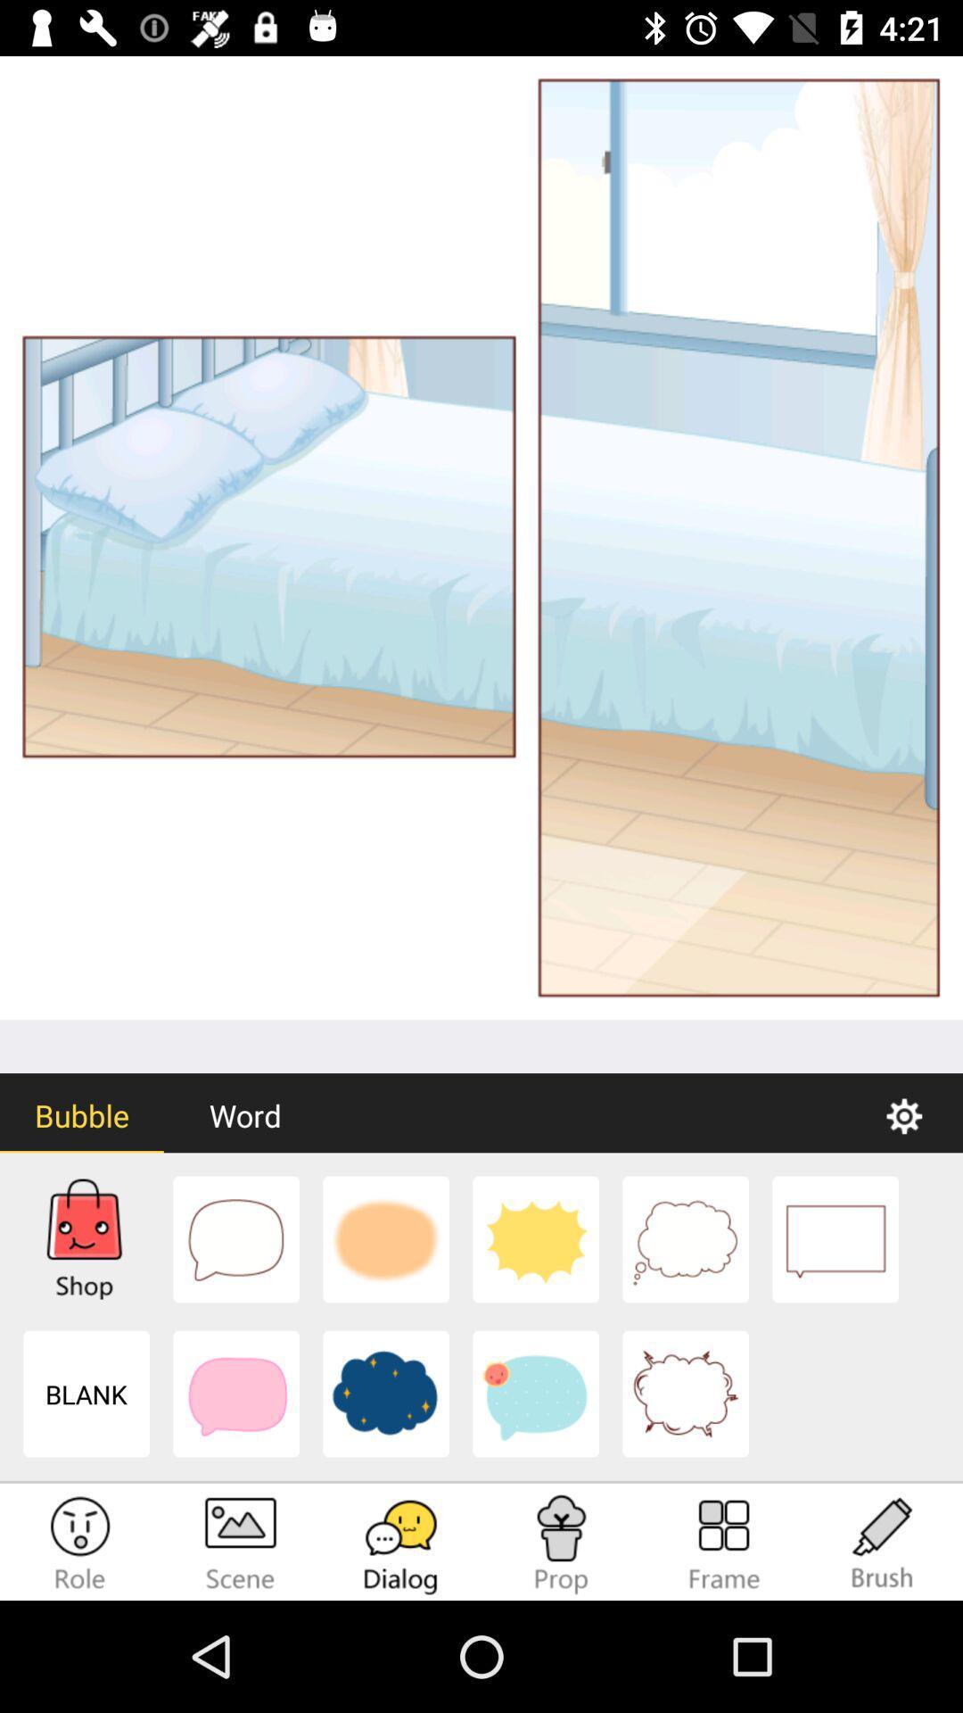  I want to click on the option which says brush, so click(883, 1543).